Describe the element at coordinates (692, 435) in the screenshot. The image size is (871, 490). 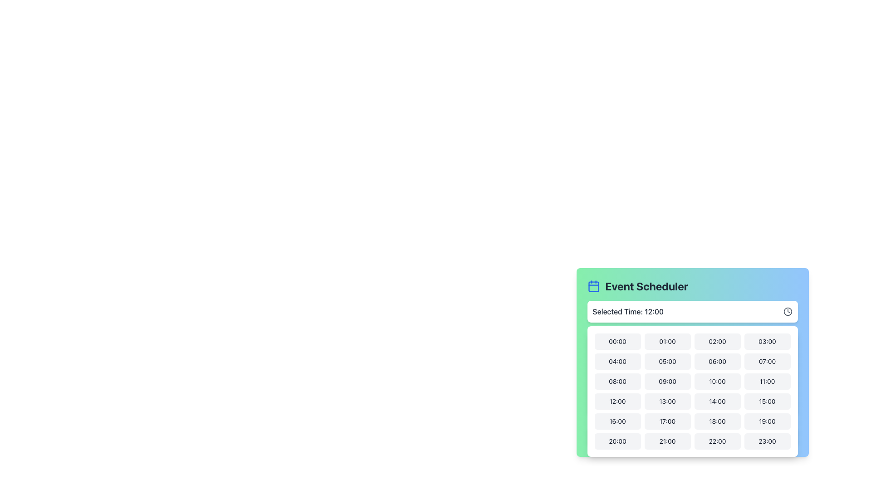
I see `the confirm button in the 'Event Scheduler' panel` at that location.